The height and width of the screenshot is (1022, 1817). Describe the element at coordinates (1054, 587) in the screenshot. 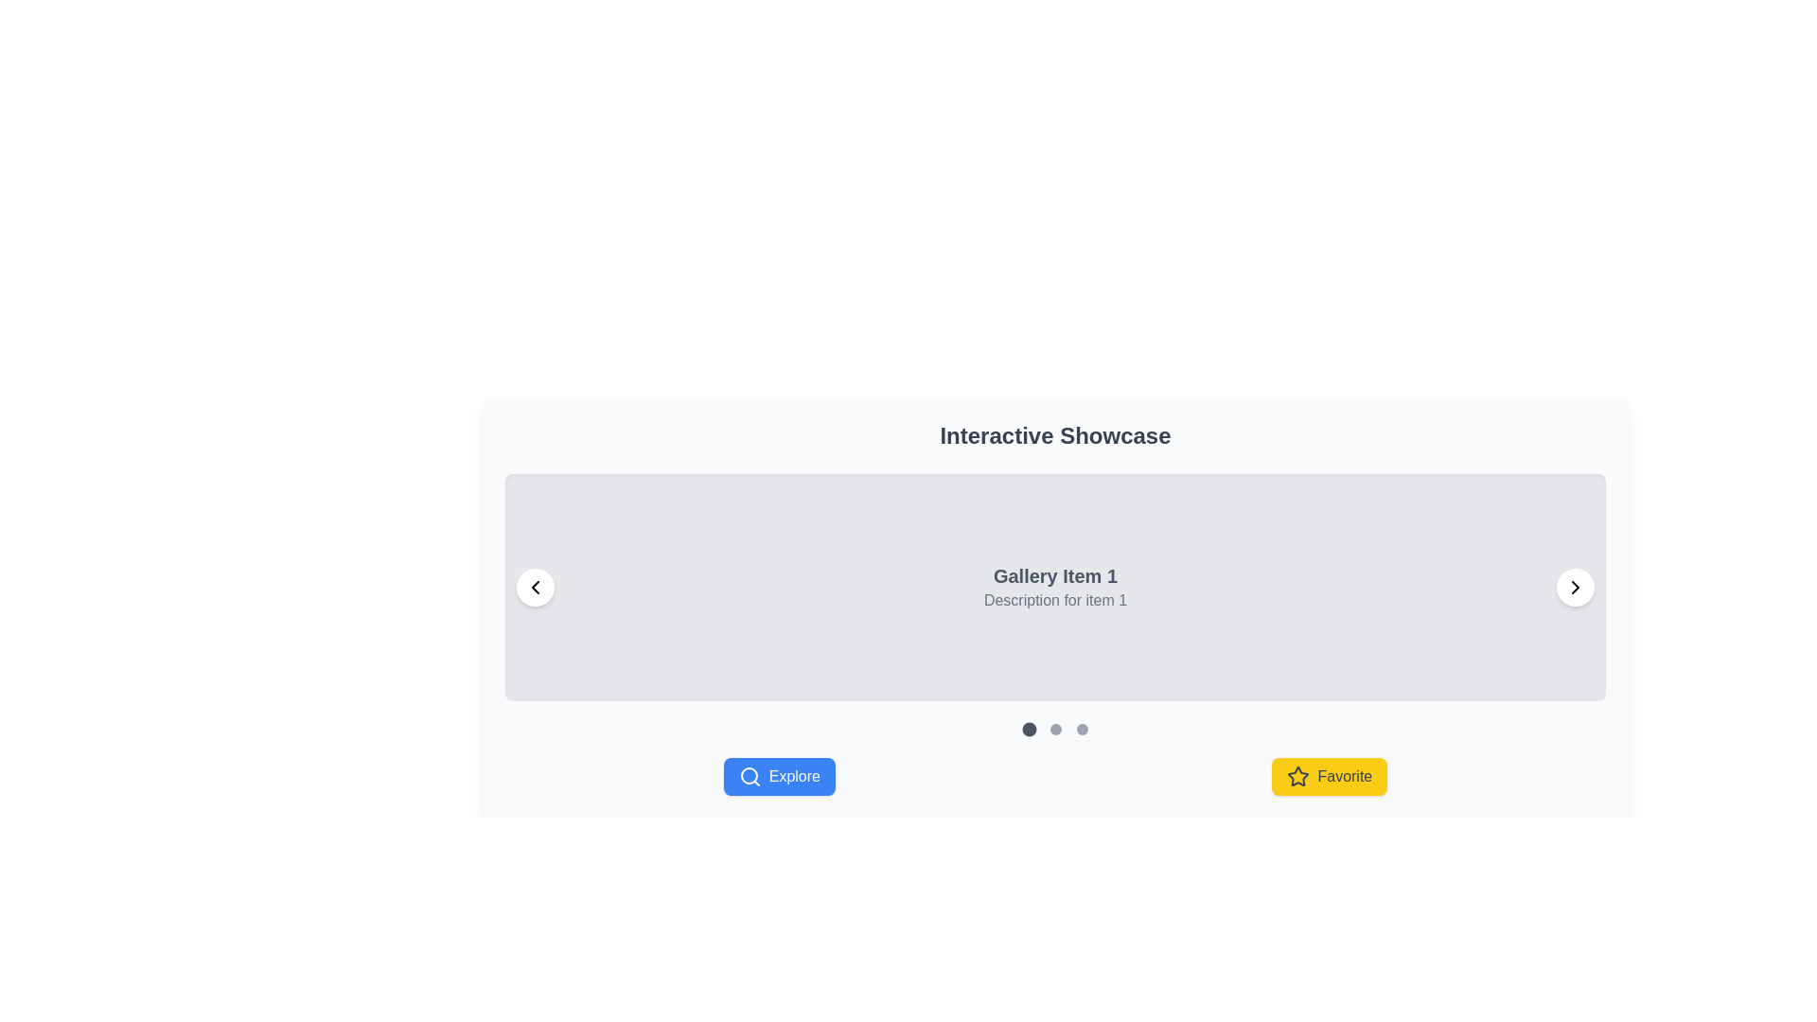

I see `contents of the text label that describes the gallery item, positioned below the 'Interactive Showcase' header and above the pagination indicators and action buttons` at that location.